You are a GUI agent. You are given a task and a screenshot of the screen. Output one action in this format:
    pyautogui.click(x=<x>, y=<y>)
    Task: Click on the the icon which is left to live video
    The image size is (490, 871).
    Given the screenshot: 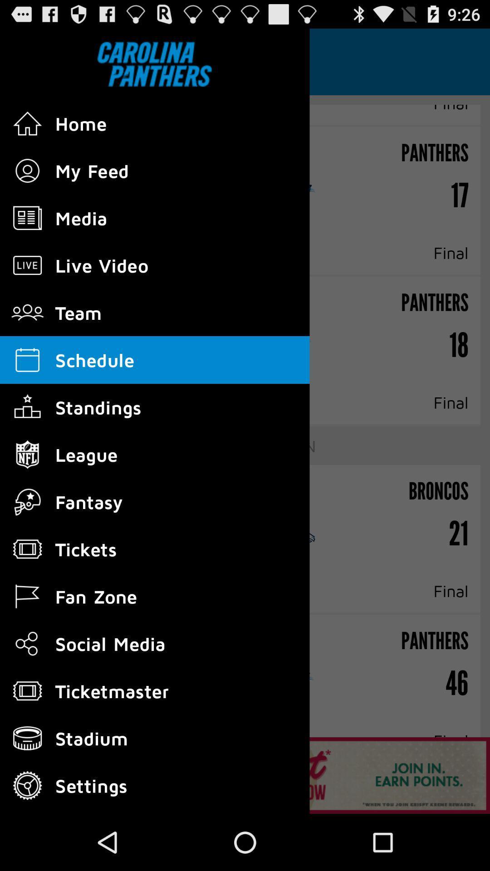 What is the action you would take?
    pyautogui.click(x=27, y=265)
    